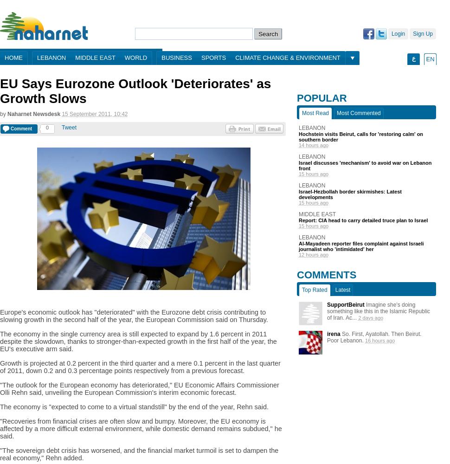 The image size is (450, 464). What do you see at coordinates (0, 90) in the screenshot?
I see `'EU Says Eurozone Outlook 'Deteriorates' as Growth Slows'` at bounding box center [0, 90].